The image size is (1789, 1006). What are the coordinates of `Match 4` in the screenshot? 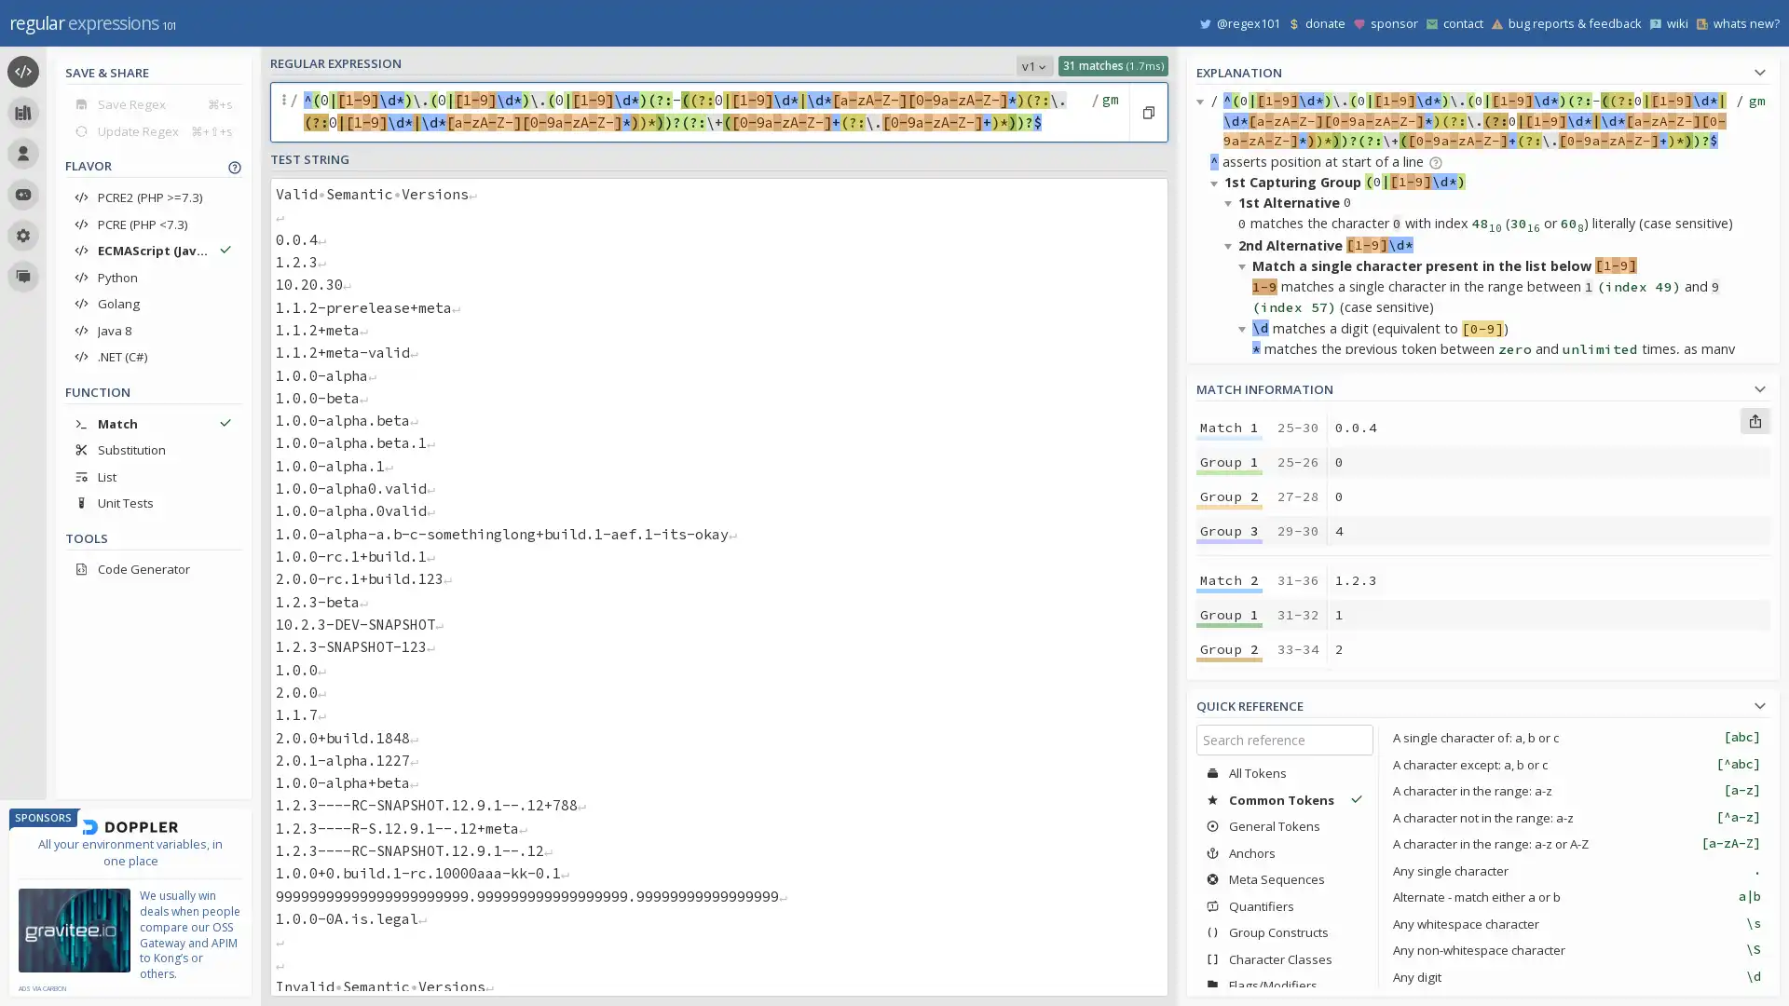 It's located at (1229, 885).